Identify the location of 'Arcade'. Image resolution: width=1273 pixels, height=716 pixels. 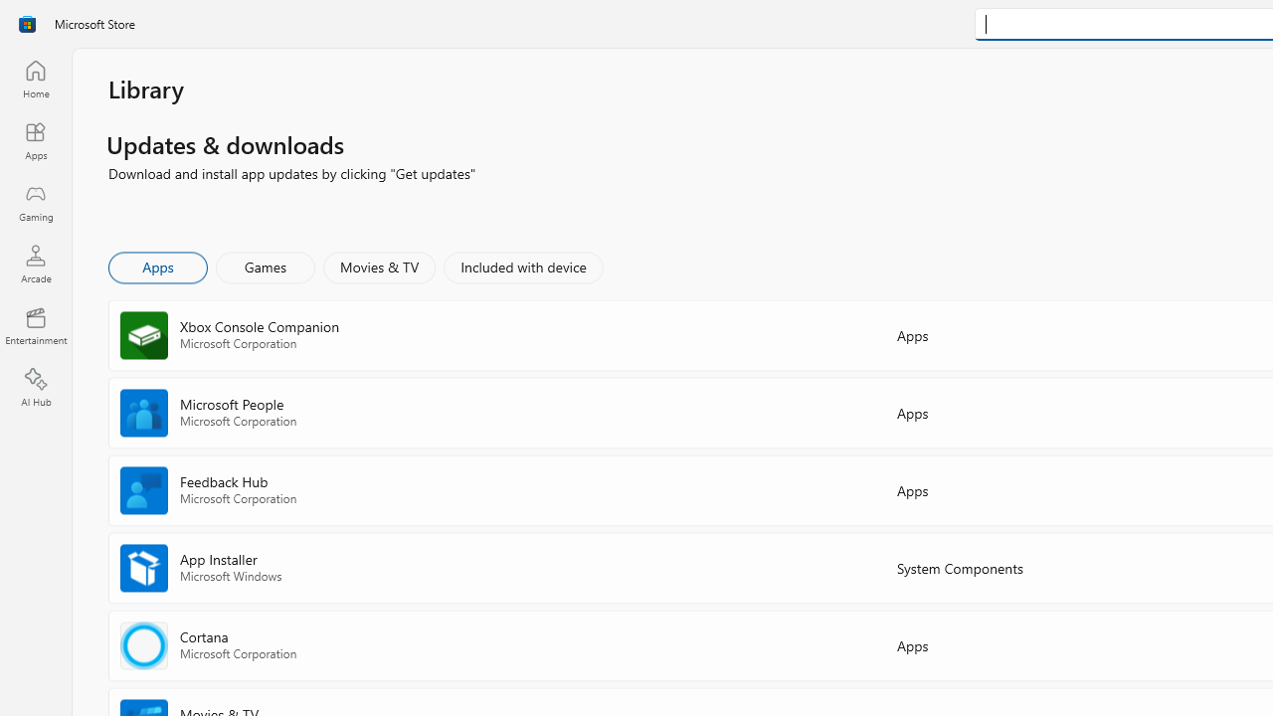
(35, 263).